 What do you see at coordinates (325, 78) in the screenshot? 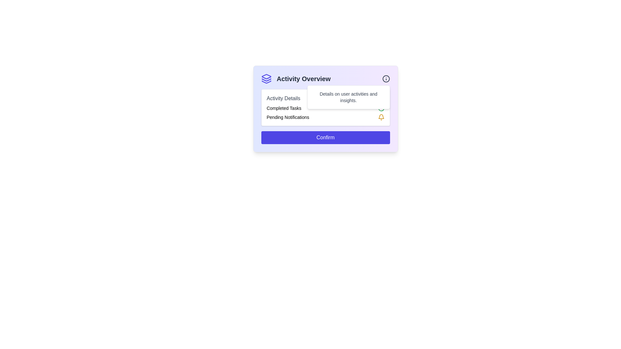
I see `displayed information from the 'Activity Overview' header section, which includes a bold heading and an informative text accompanied by a purple stacked layers icon` at bounding box center [325, 78].